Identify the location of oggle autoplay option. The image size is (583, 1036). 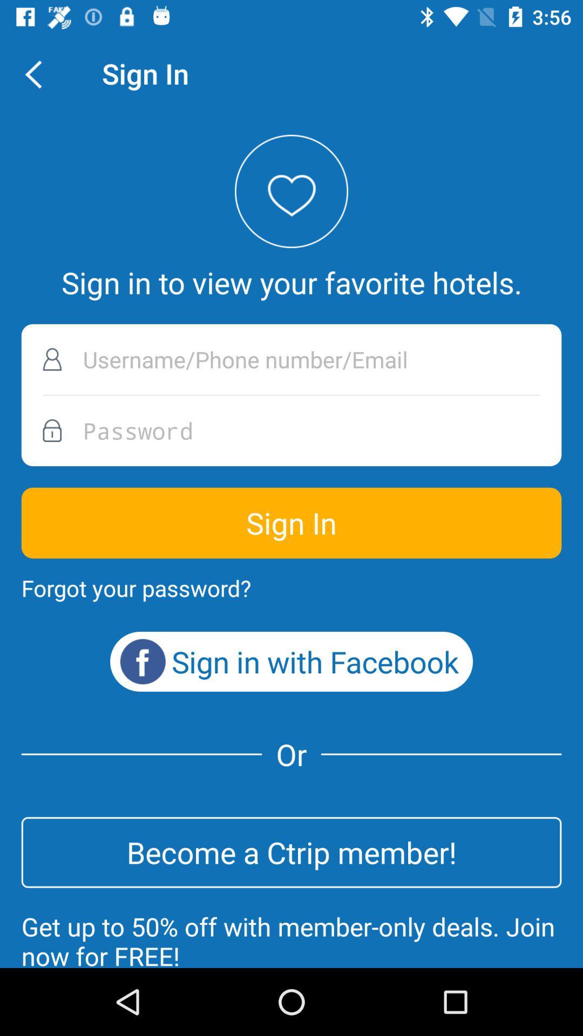
(291, 359).